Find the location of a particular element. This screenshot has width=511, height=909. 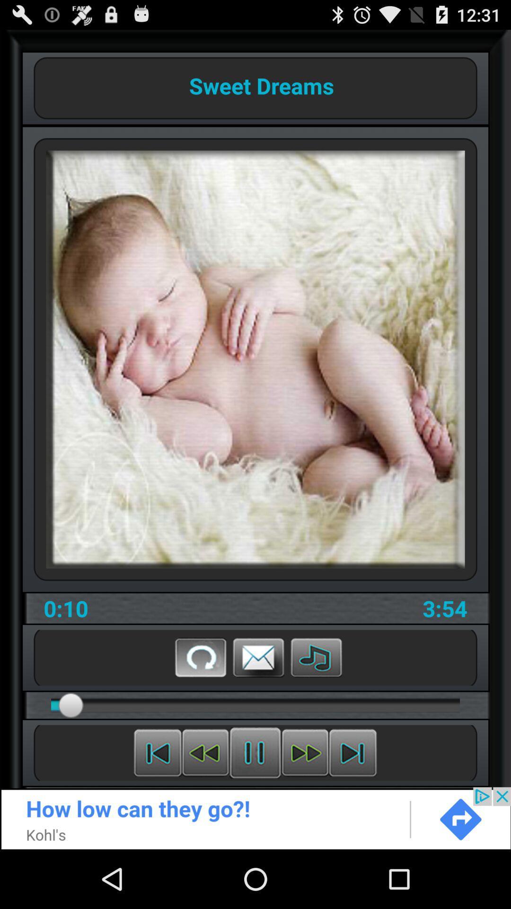

to start music is located at coordinates (316, 657).